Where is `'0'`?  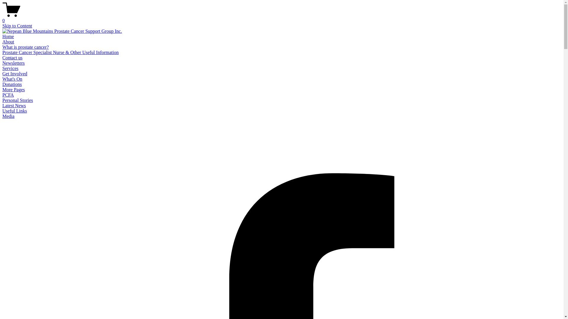 '0' is located at coordinates (281, 18).